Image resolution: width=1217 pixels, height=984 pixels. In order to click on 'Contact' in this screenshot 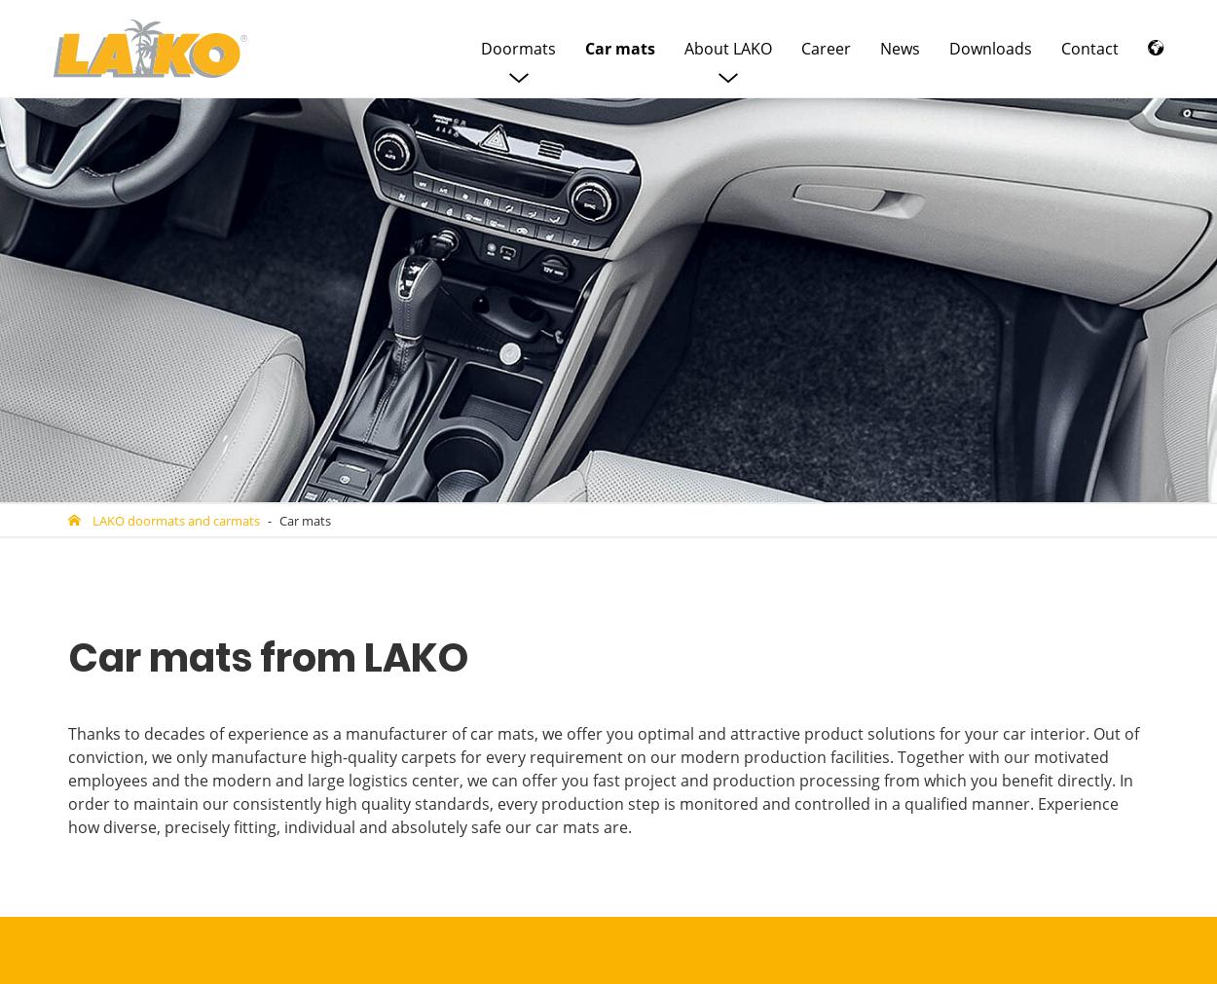, I will do `click(1088, 48)`.